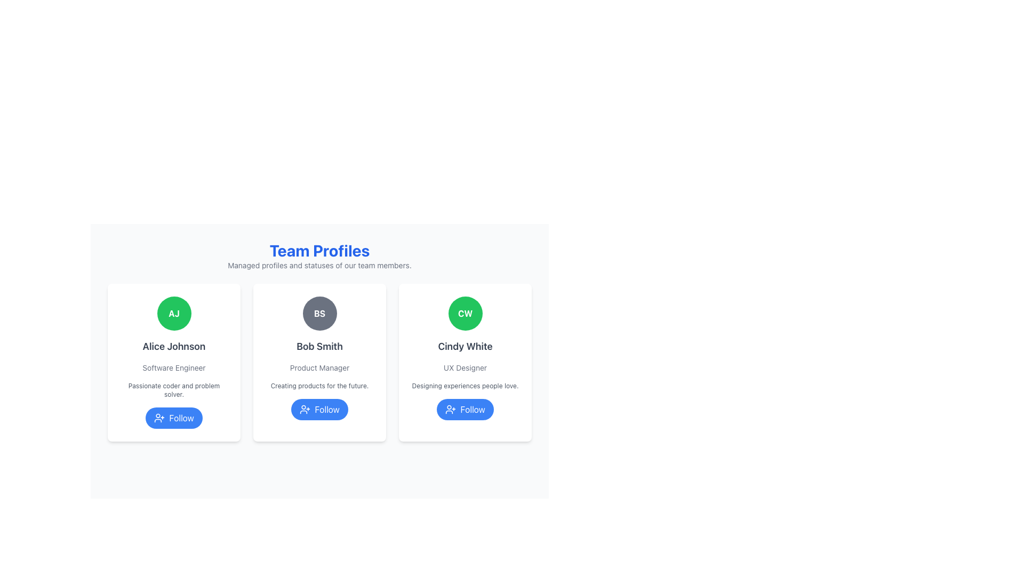  I want to click on the text label displaying 'Alice Johnson' which is positioned beneath the avatar with initials 'AJ' in the user profile card, so click(174, 347).